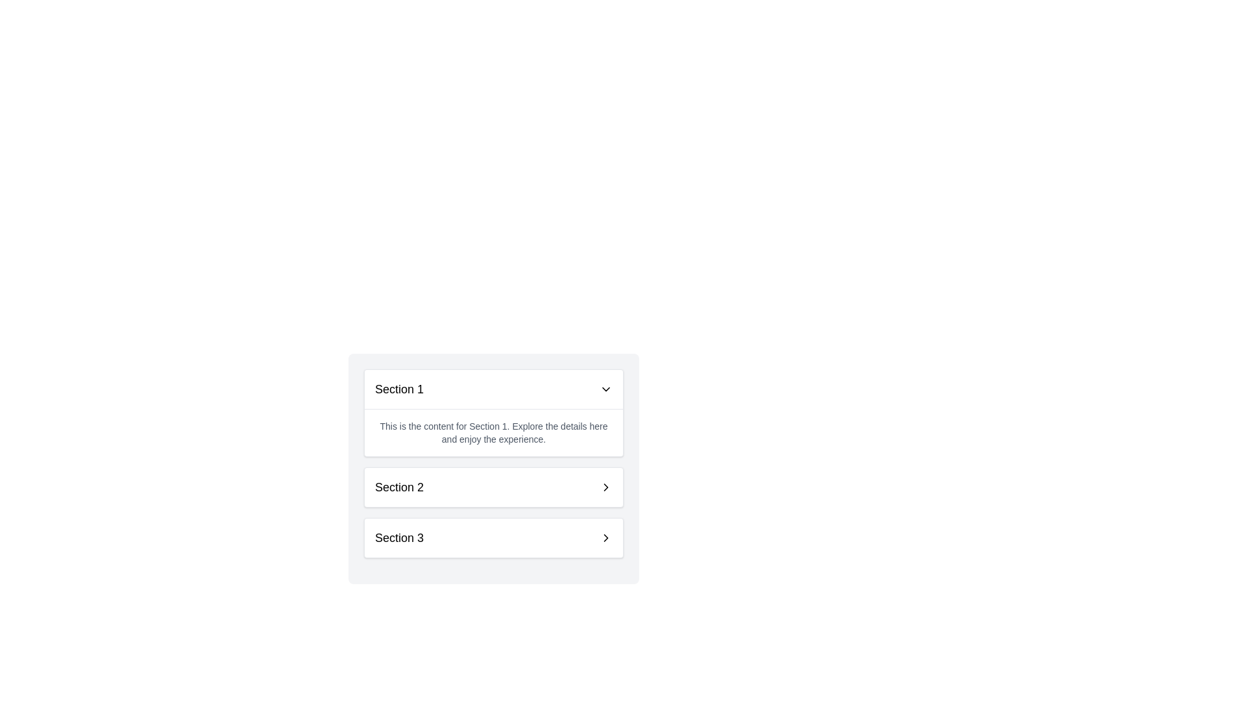  Describe the element at coordinates (605, 487) in the screenshot. I see `the Chevron icon button (SVG element) located on the right side of 'Section 2'` at that location.